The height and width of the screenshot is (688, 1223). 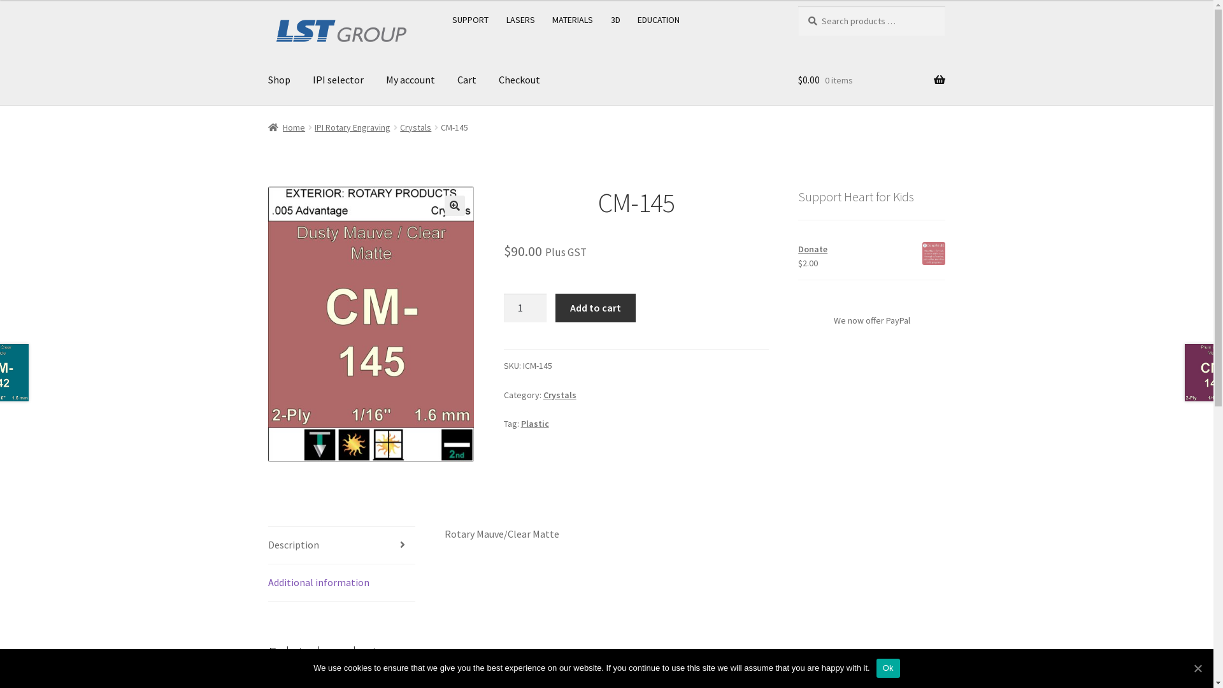 What do you see at coordinates (375, 80) in the screenshot?
I see `'My account'` at bounding box center [375, 80].